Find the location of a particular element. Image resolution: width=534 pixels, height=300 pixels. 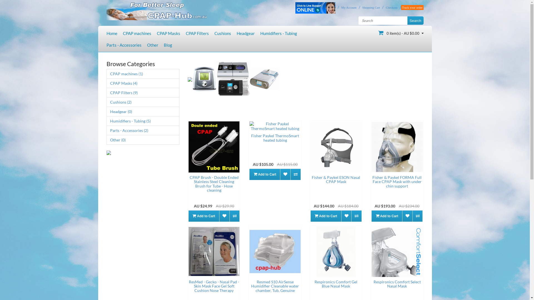

'Headgear (0)' is located at coordinates (143, 111).